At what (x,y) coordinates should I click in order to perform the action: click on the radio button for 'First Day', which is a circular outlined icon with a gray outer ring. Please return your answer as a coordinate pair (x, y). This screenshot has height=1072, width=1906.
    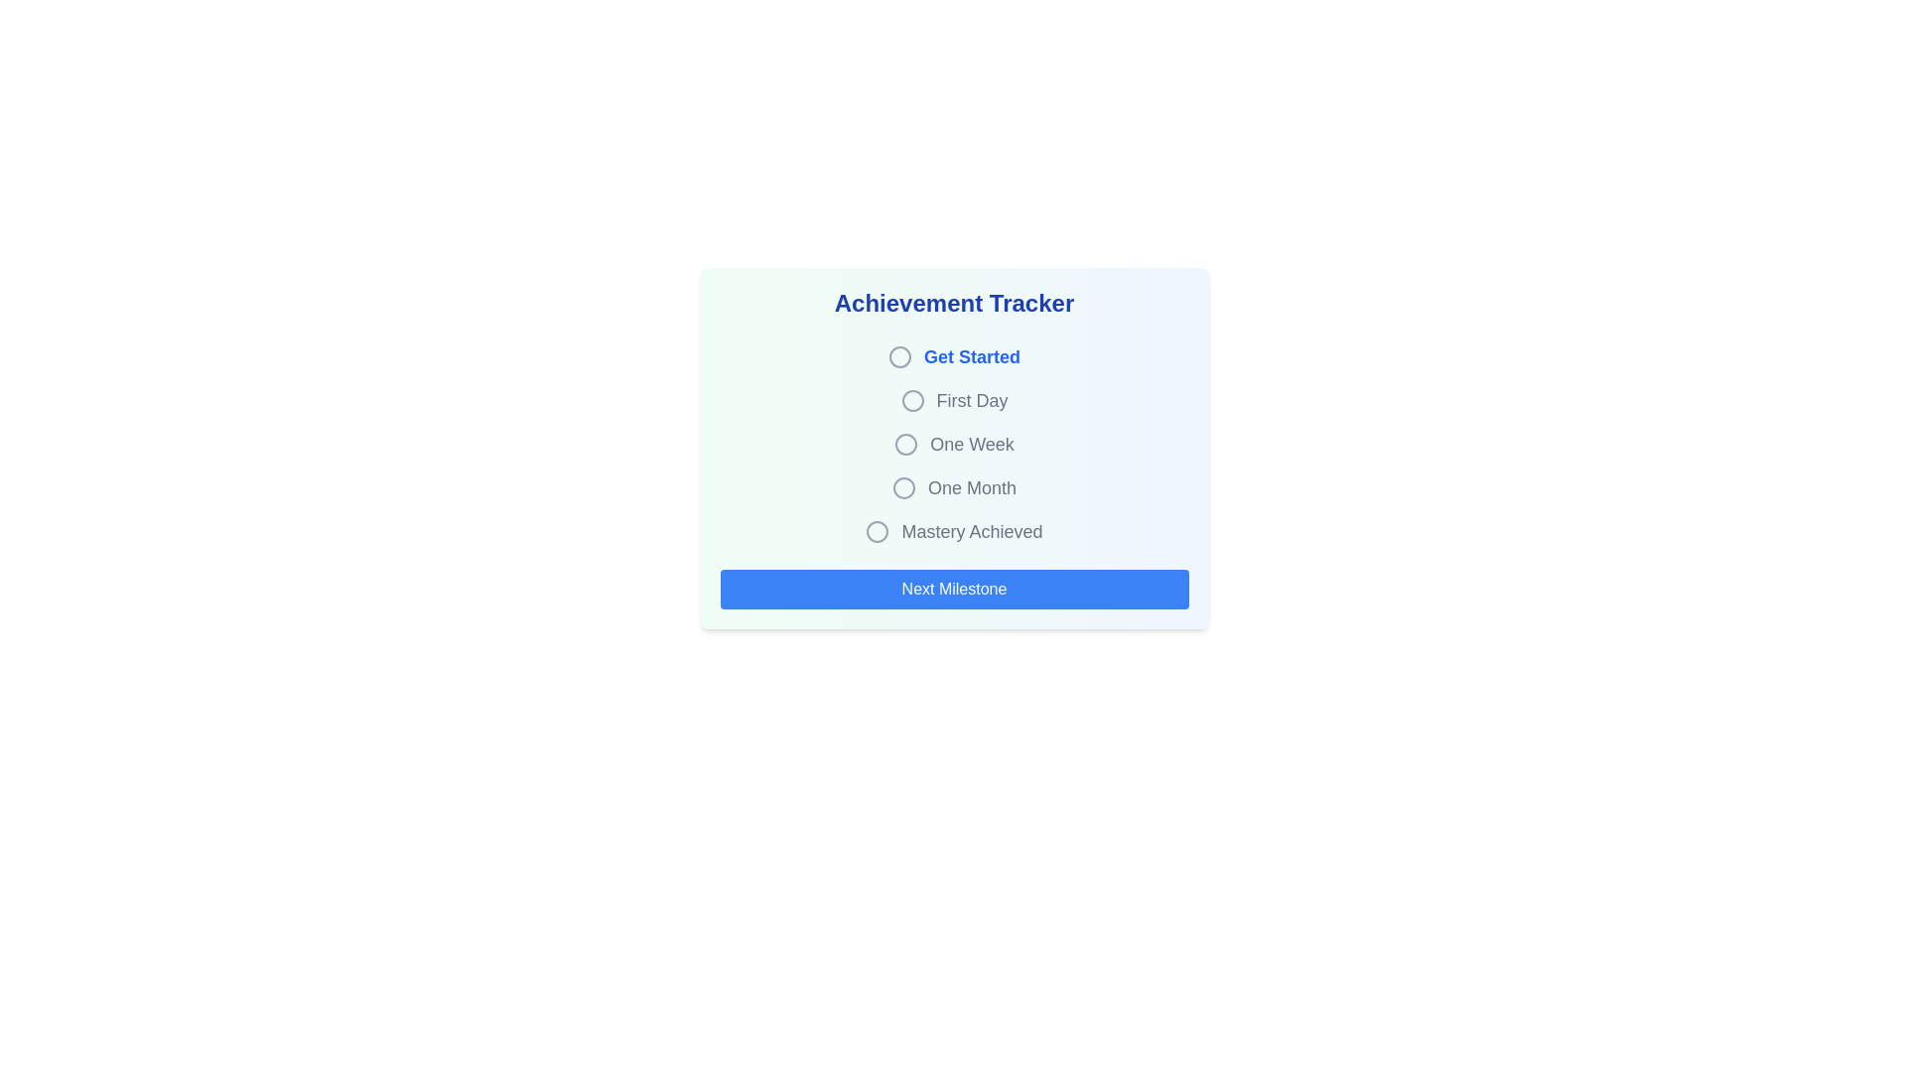
    Looking at the image, I should click on (911, 401).